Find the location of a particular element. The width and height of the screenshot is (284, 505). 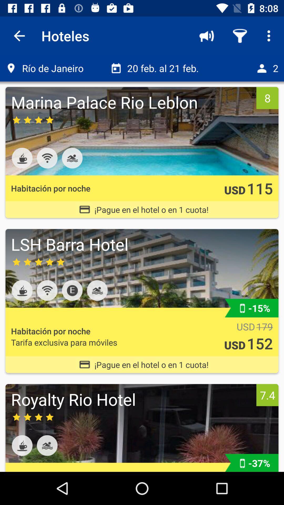

the app next to hoteles app is located at coordinates (19, 36).